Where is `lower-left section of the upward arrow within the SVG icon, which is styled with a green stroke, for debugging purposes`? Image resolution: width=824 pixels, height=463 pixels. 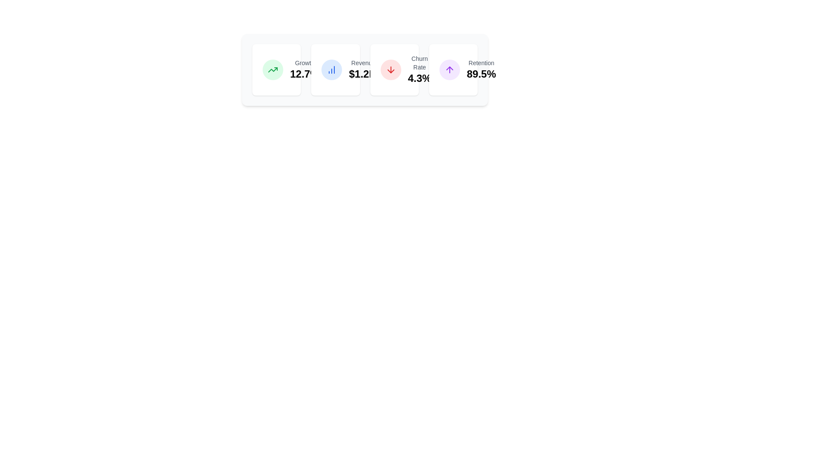 lower-left section of the upward arrow within the SVG icon, which is styled with a green stroke, for debugging purposes is located at coordinates (272, 69).